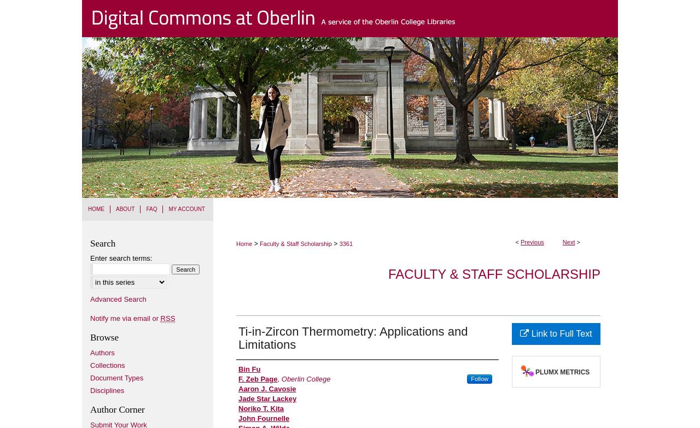 The width and height of the screenshot is (700, 428). I want to click on 'Disciplines', so click(90, 389).